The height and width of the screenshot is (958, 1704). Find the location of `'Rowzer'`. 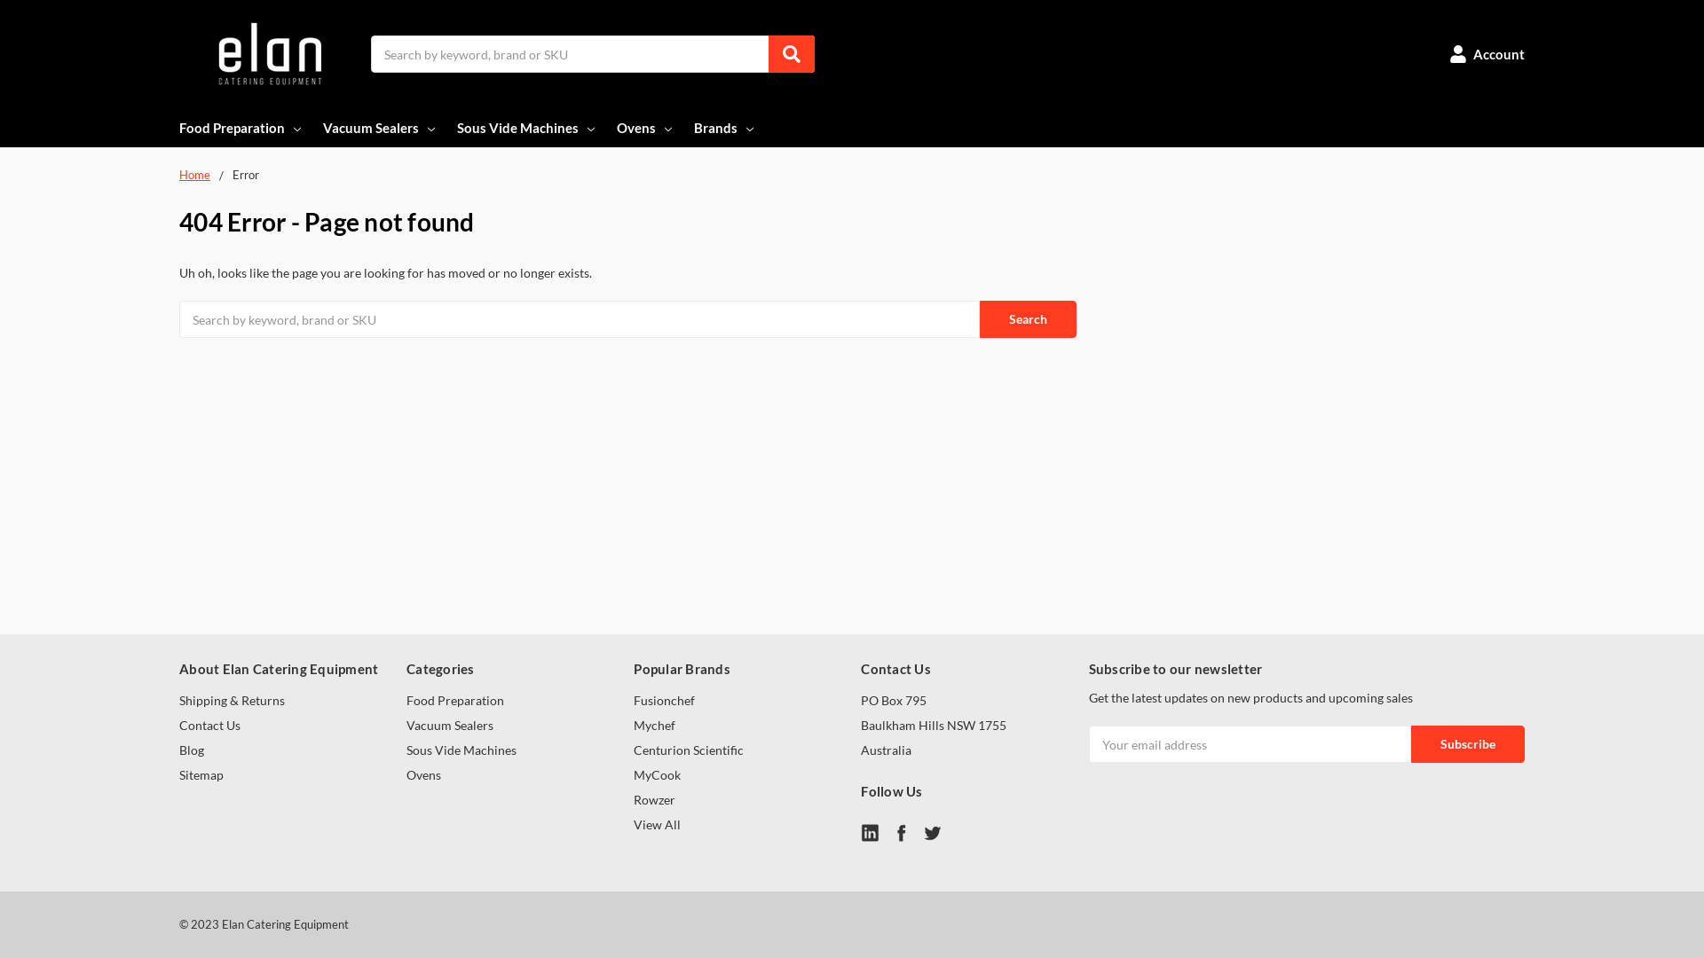

'Rowzer' is located at coordinates (653, 799).